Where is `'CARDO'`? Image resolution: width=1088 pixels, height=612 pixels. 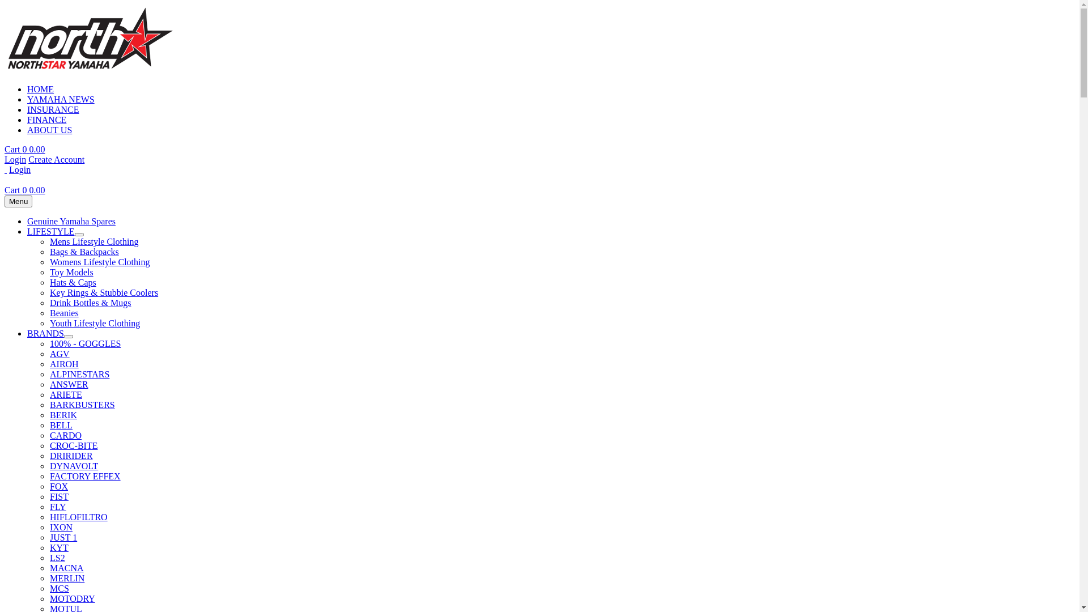 'CARDO' is located at coordinates (65, 435).